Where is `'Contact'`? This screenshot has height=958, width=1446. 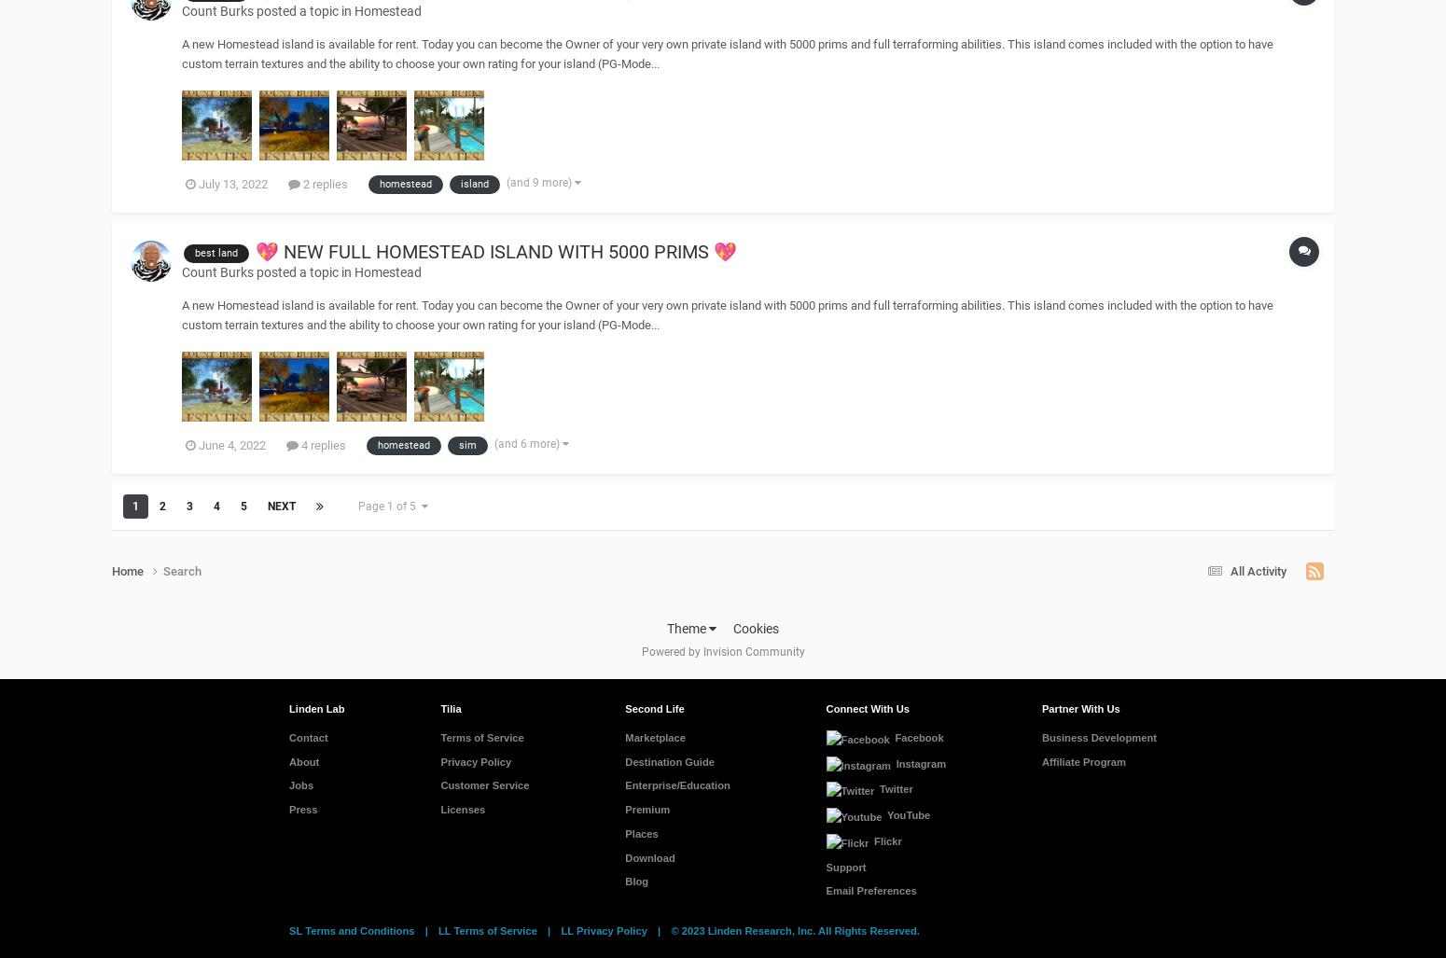 'Contact' is located at coordinates (307, 735).